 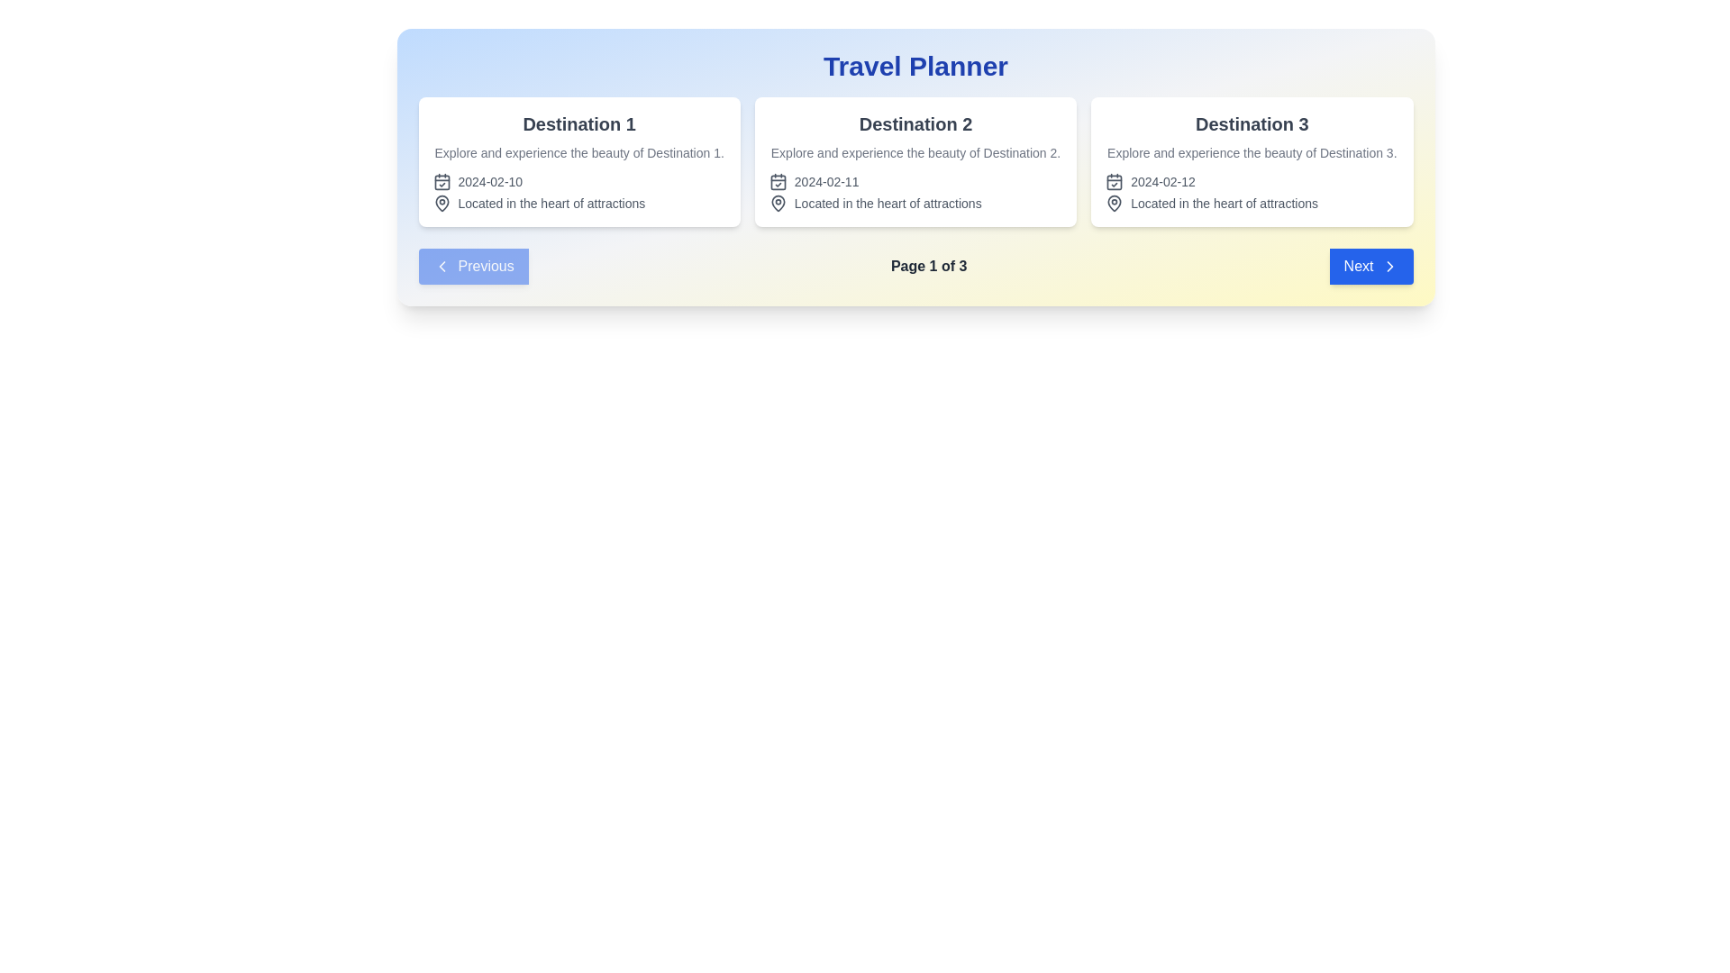 What do you see at coordinates (579, 203) in the screenshot?
I see `the text label with an embedded location pin icon that displays 'Located in the heart of attractions.' This element is positioned at the bottom of the 'Destination 1' card, below another text element showing a date` at bounding box center [579, 203].